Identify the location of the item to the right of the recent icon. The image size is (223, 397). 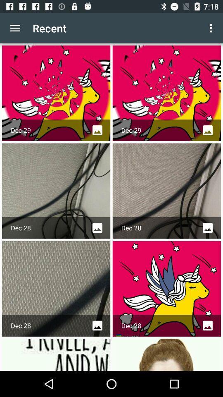
(212, 28).